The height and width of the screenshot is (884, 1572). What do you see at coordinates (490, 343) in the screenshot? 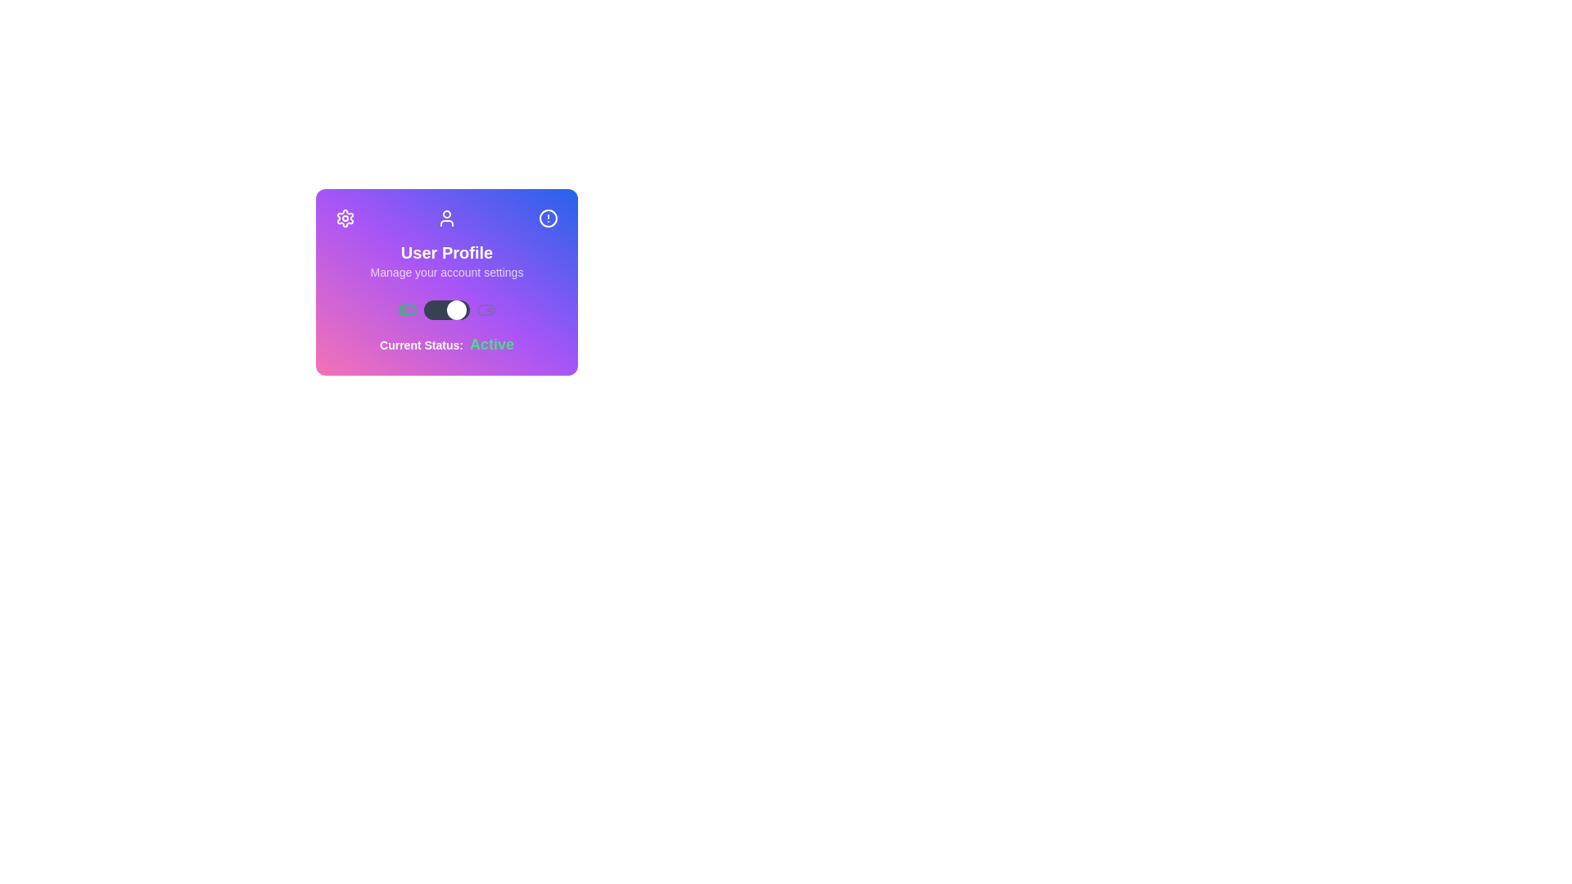
I see `the 'Active' text display that indicates the current status of a feature or entity within the user profile card` at bounding box center [490, 343].